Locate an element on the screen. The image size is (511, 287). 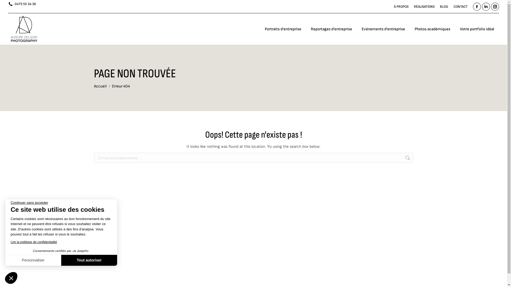
'0473 55 34 36' is located at coordinates (22, 4).